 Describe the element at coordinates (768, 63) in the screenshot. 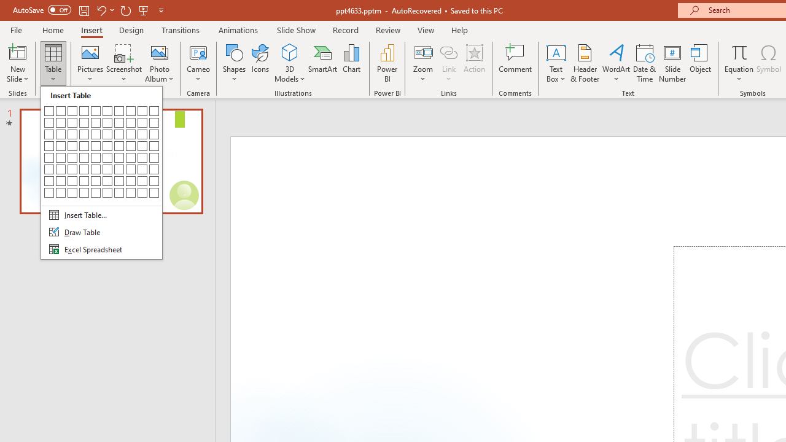

I see `'Symbol...'` at that location.